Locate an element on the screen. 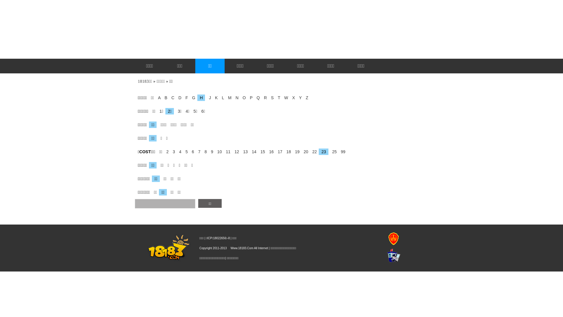 The width and height of the screenshot is (563, 317). 'R' is located at coordinates (260, 97).